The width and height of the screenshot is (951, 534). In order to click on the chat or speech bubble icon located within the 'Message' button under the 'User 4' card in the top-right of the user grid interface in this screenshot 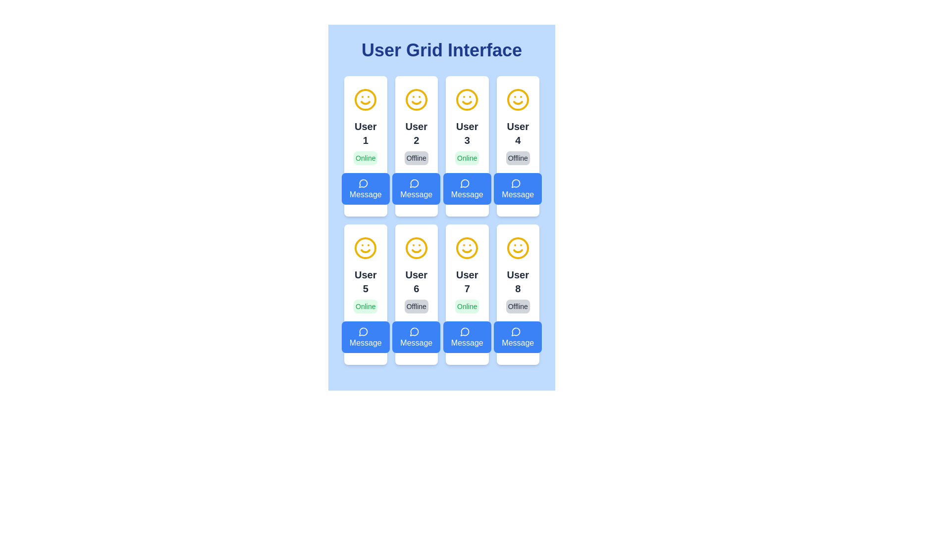, I will do `click(515, 183)`.